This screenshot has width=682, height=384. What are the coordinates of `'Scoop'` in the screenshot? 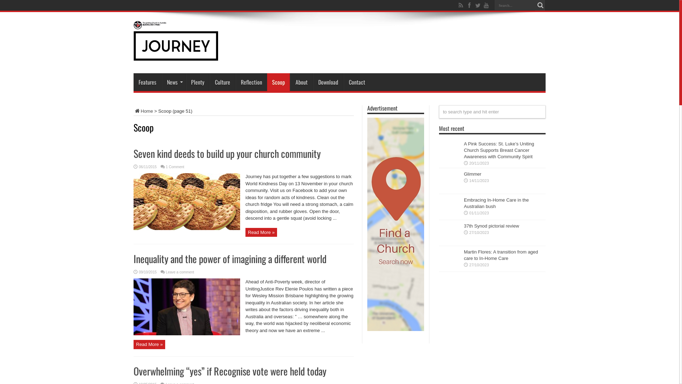 It's located at (278, 82).